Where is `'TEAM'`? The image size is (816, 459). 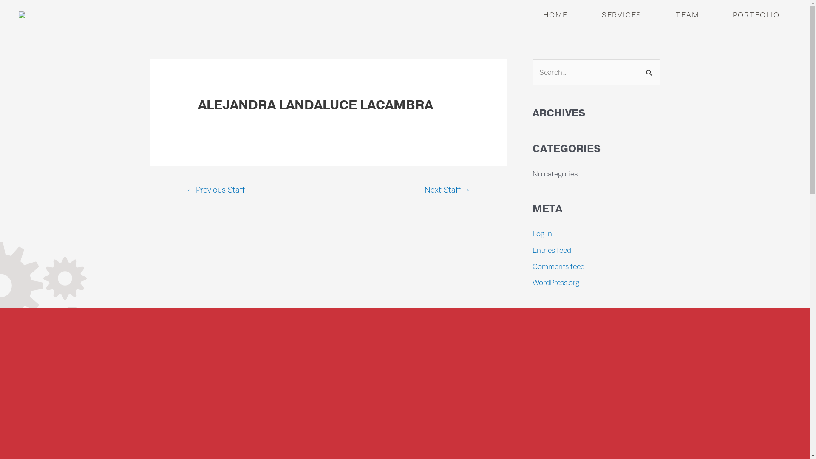
'TEAM' is located at coordinates (687, 15).